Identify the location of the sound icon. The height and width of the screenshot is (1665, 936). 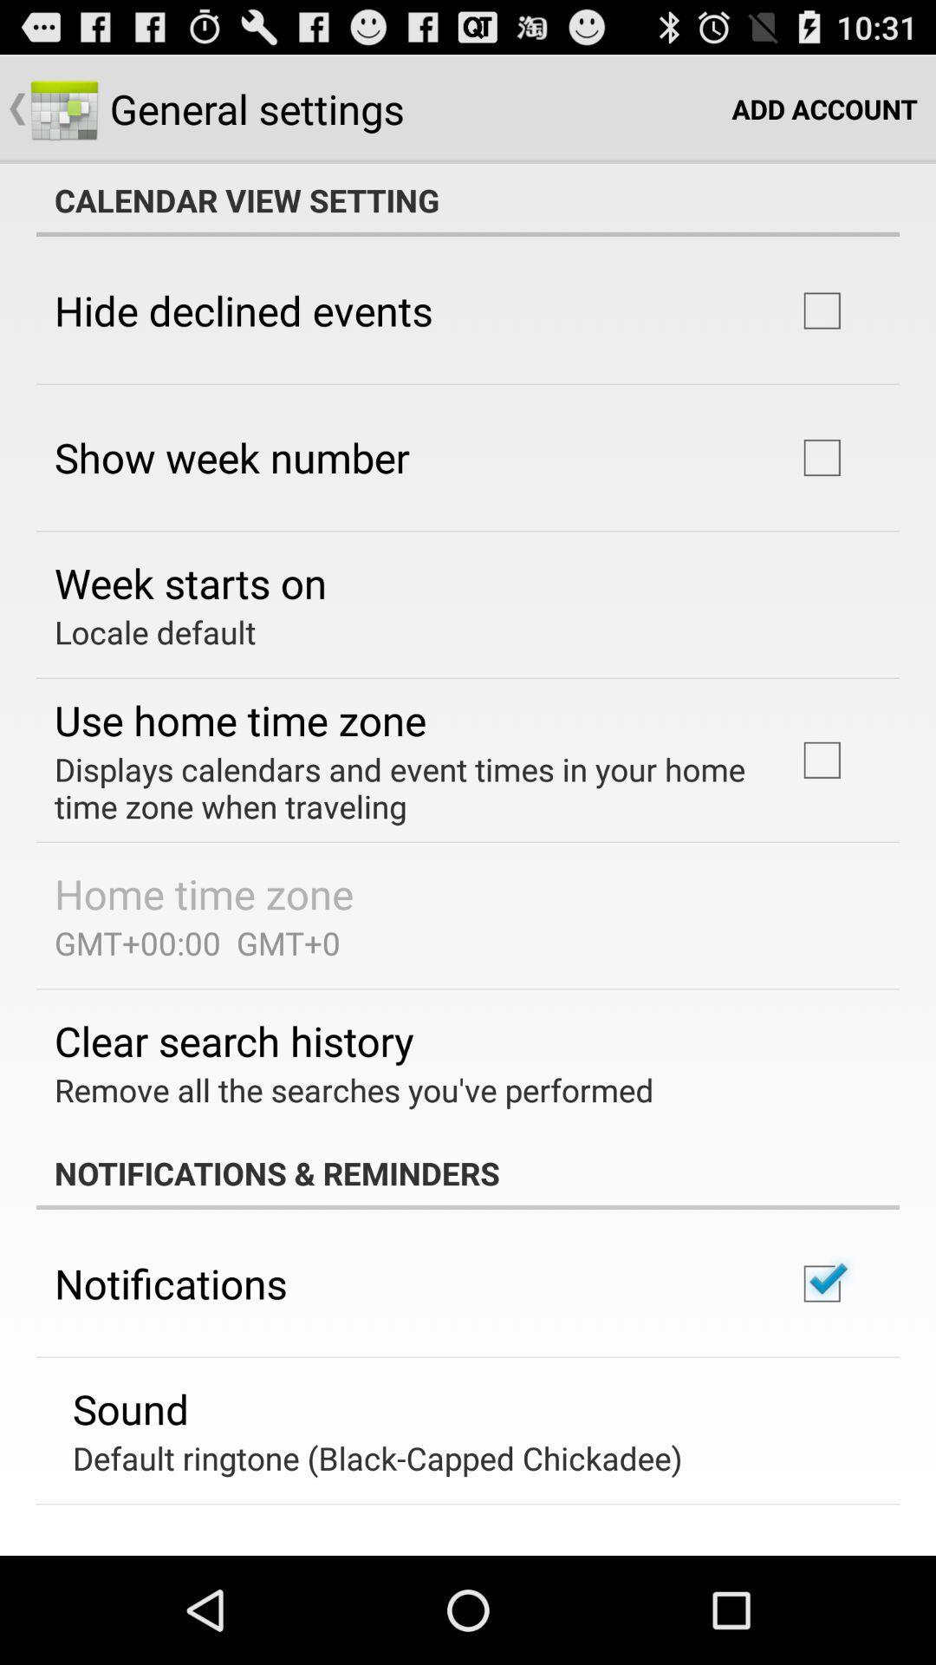
(130, 1408).